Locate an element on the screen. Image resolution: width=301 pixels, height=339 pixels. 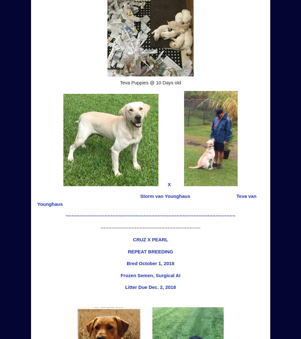
'X' is located at coordinates (170, 184).